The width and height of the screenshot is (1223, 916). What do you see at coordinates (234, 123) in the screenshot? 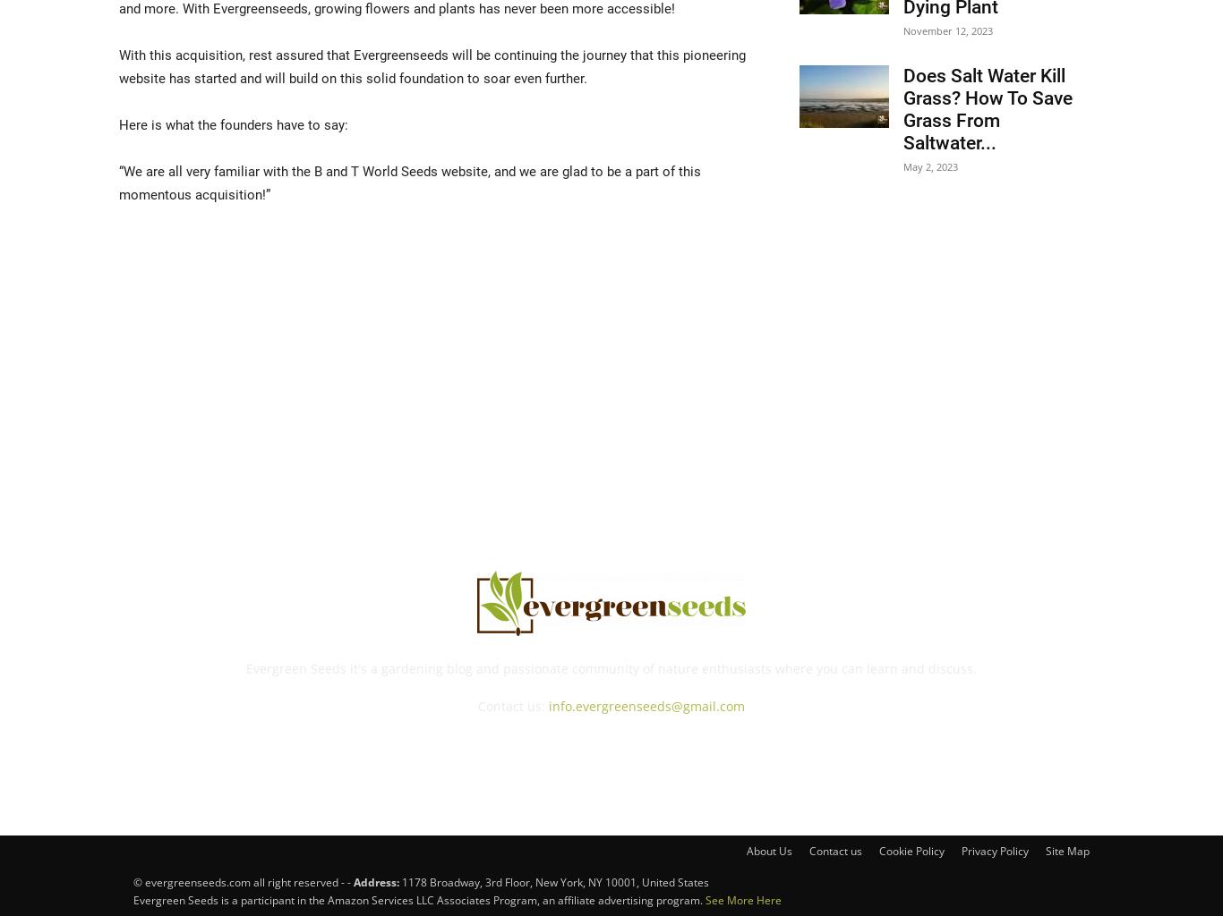
I see `'Here is what the founders have to say:'` at bounding box center [234, 123].